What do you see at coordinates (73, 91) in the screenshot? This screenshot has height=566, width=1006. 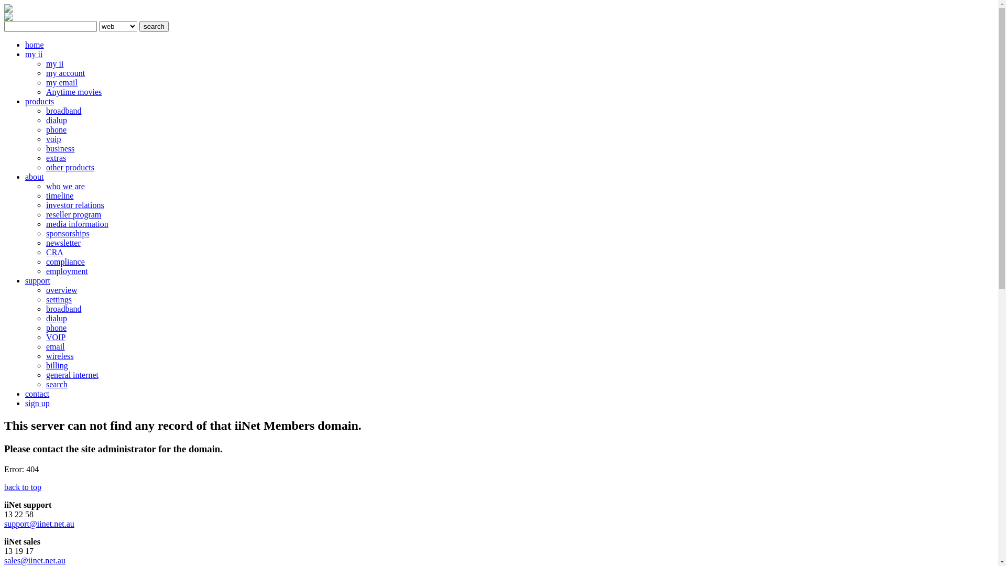 I see `'Anytime movies'` at bounding box center [73, 91].